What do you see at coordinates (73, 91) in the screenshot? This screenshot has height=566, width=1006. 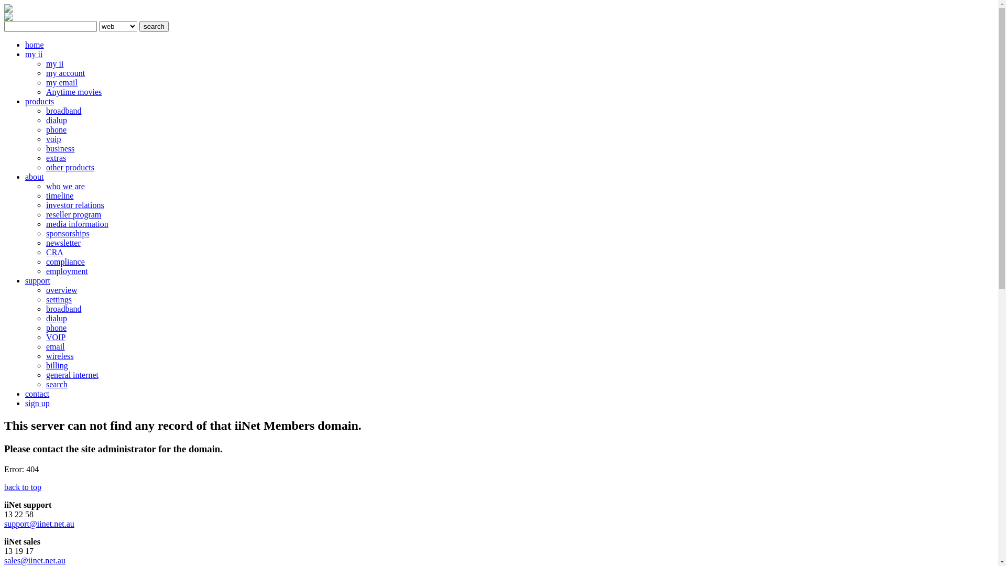 I see `'Anytime movies'` at bounding box center [73, 91].